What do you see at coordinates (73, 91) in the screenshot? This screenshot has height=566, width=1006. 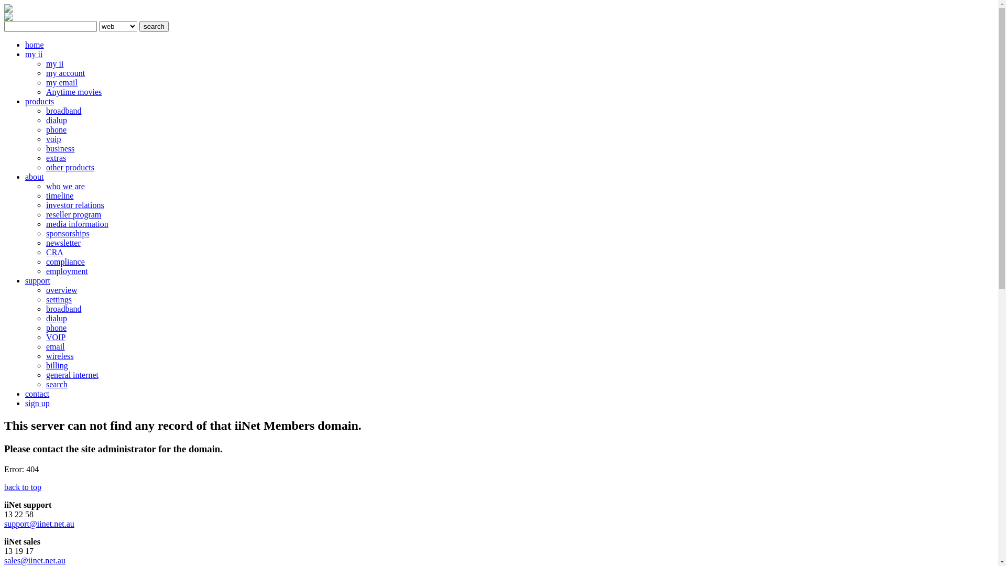 I see `'Anytime movies'` at bounding box center [73, 91].